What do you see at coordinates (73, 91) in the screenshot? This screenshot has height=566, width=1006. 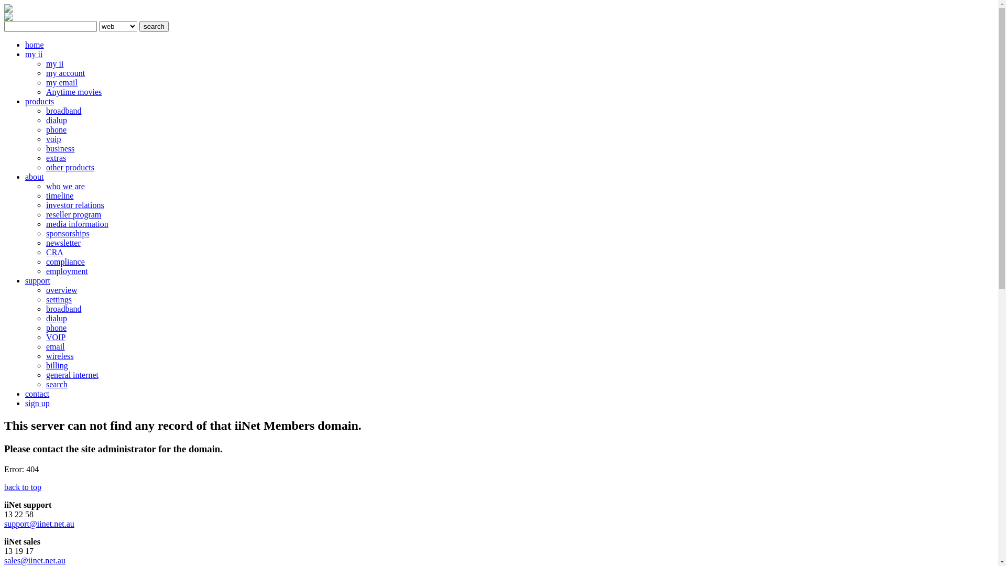 I see `'Anytime movies'` at bounding box center [73, 91].